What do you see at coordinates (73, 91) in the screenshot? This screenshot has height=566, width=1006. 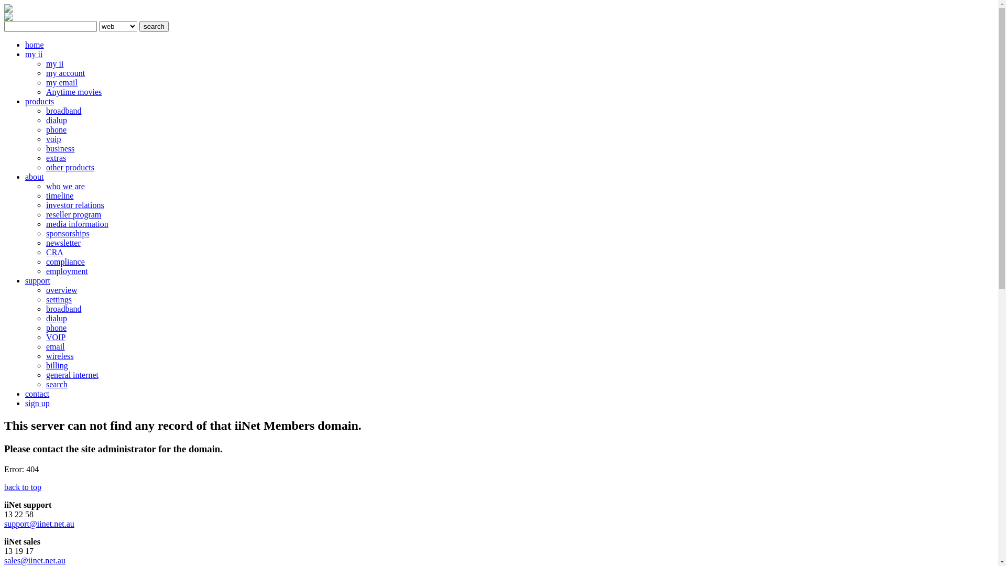 I see `'Anytime movies'` at bounding box center [73, 91].